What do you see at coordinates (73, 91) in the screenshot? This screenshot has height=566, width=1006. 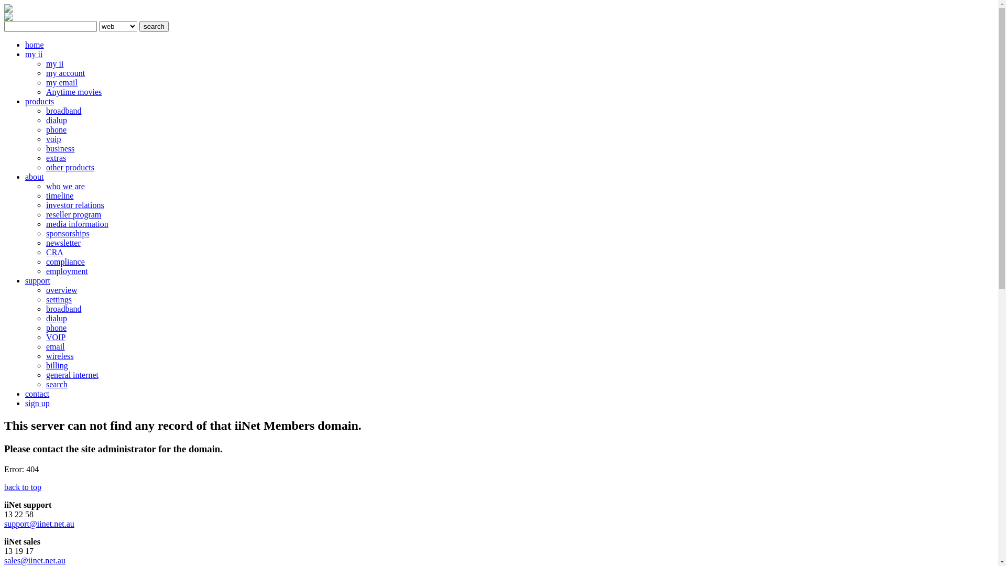 I see `'Anytime movies'` at bounding box center [73, 91].